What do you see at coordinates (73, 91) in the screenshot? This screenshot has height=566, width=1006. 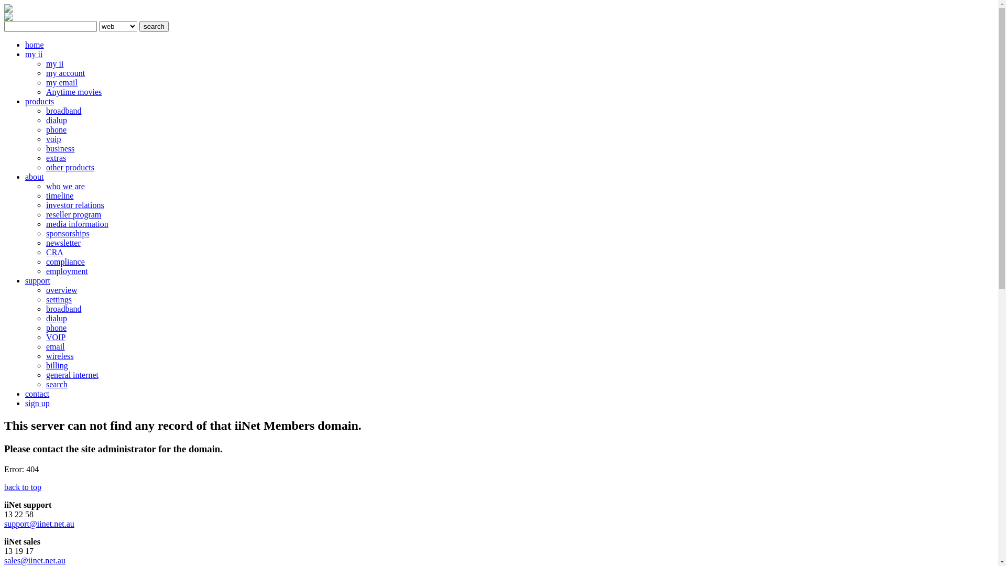 I see `'Anytime movies'` at bounding box center [73, 91].